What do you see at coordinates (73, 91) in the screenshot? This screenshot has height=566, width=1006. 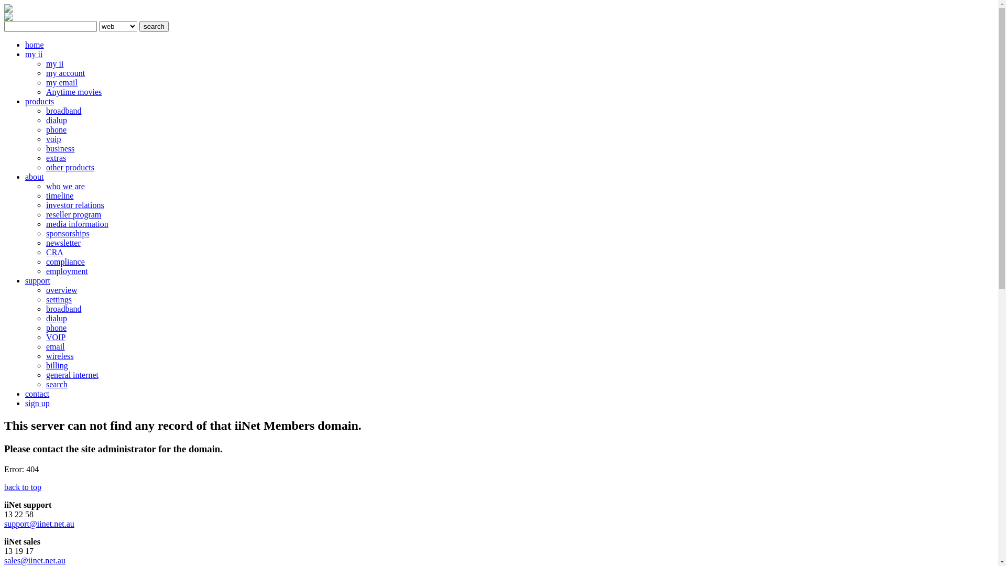 I see `'Anytime movies'` at bounding box center [73, 91].